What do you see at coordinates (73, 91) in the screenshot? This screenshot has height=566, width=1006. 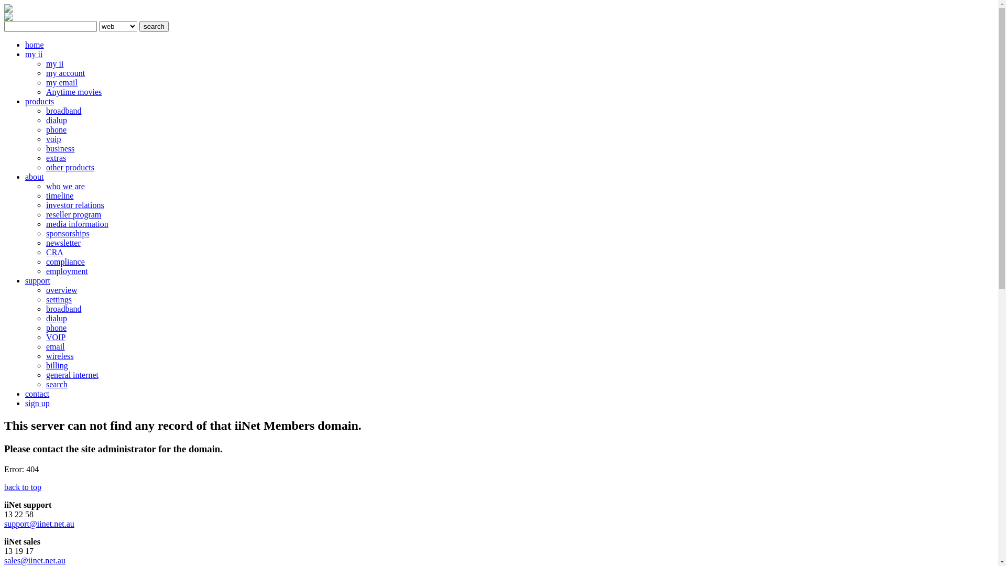 I see `'Anytime movies'` at bounding box center [73, 91].